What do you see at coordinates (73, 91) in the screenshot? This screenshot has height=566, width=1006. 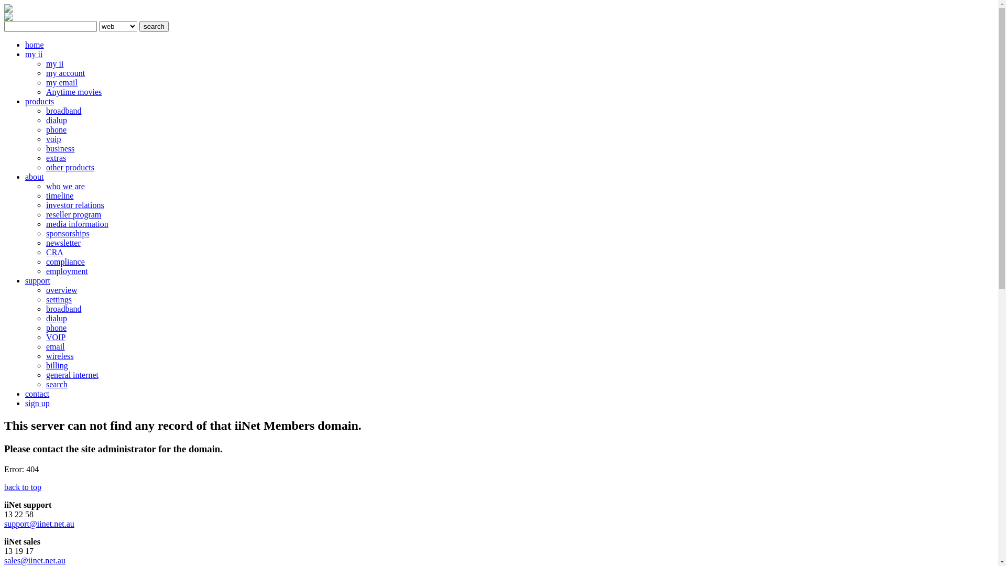 I see `'Anytime movies'` at bounding box center [73, 91].